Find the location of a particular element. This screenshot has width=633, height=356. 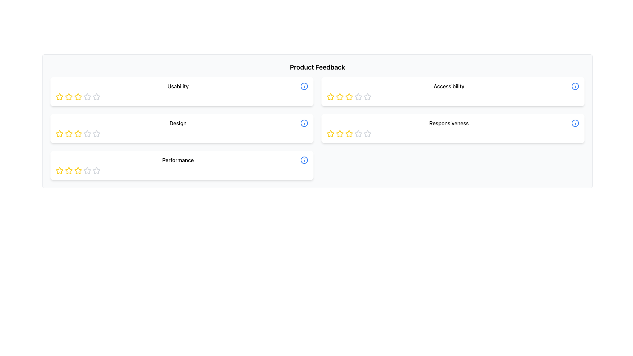

the second star icon with a yellow border and white fill under the 'Responsiveness' header to assign a rating of 2 is located at coordinates (348, 133).